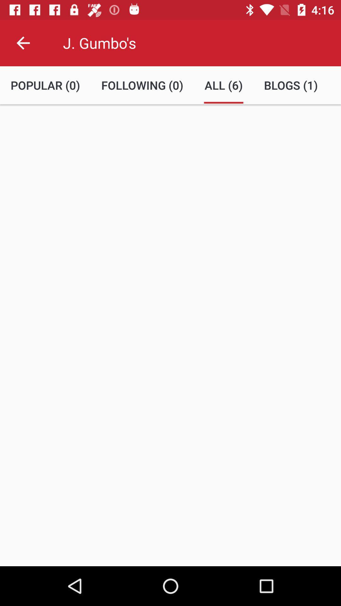  I want to click on the popular (0) item, so click(45, 85).